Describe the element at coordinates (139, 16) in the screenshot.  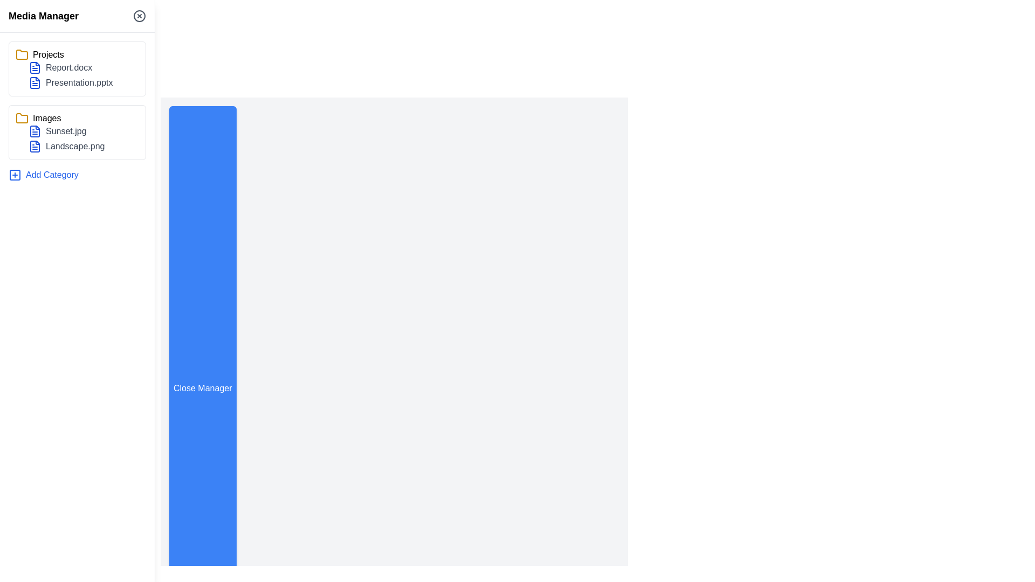
I see `the SVG Circle graphic that signifies closure or cancellation, located within the Media Manager interface` at that location.